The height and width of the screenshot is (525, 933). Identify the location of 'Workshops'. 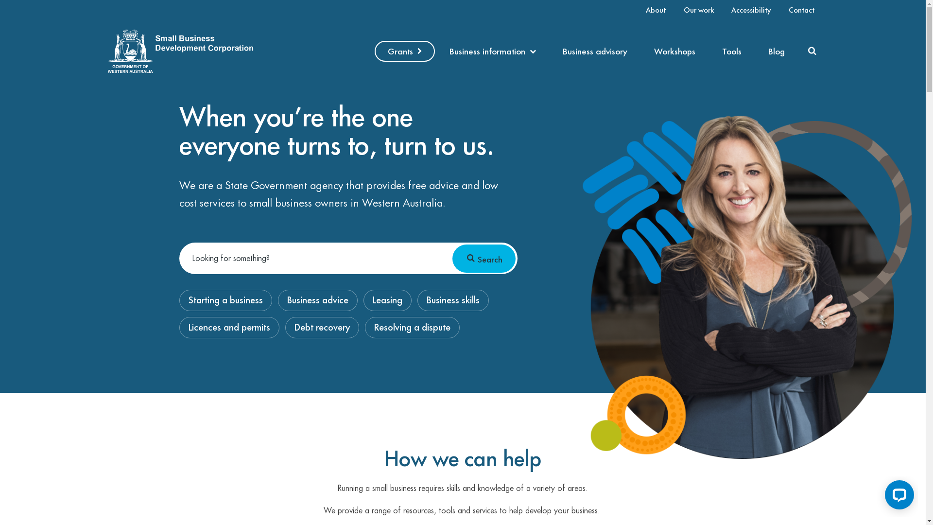
(674, 51).